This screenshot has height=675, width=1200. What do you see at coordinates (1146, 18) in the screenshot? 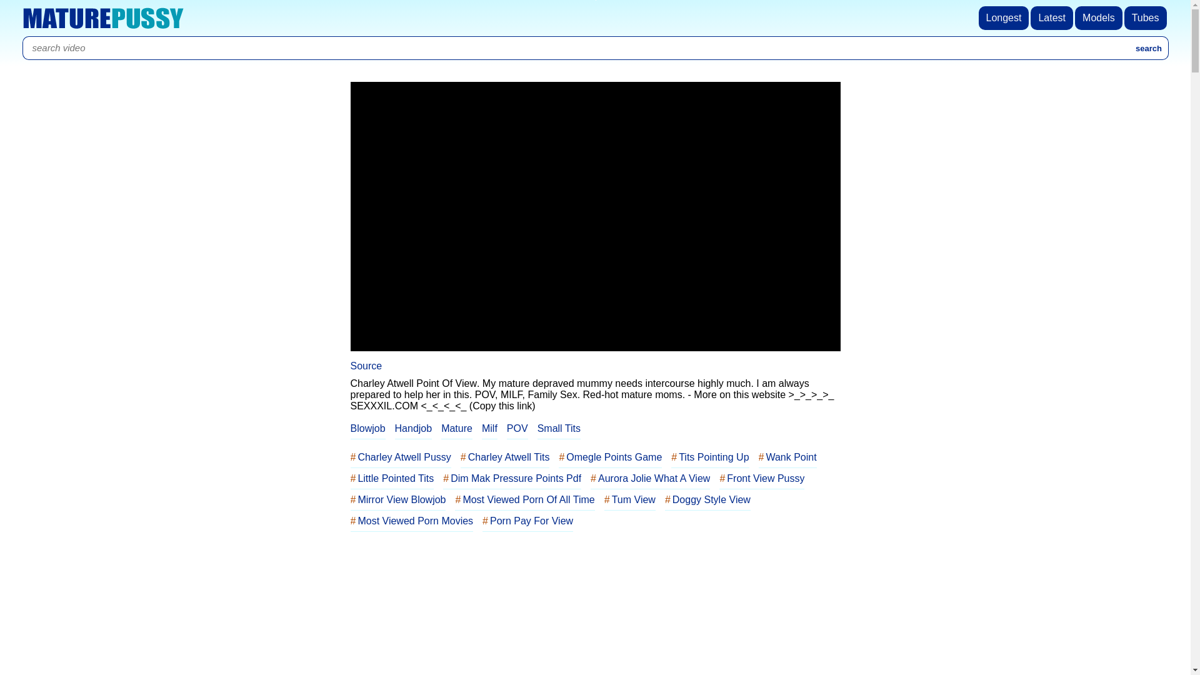
I see `'Tubes'` at bounding box center [1146, 18].